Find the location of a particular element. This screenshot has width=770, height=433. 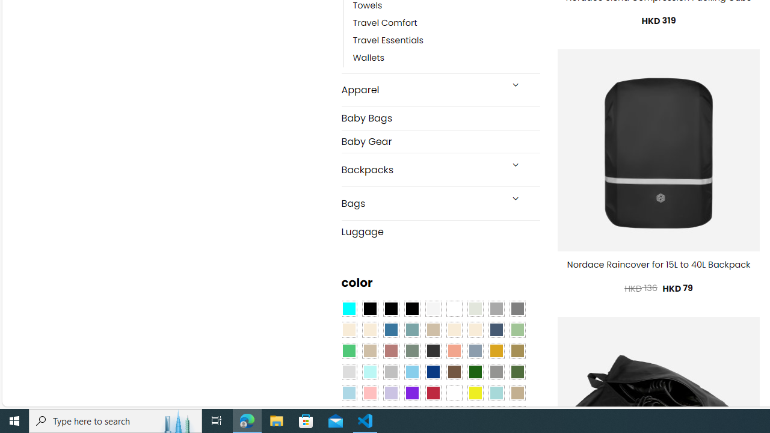

'Hale Navy' is located at coordinates (496, 330).